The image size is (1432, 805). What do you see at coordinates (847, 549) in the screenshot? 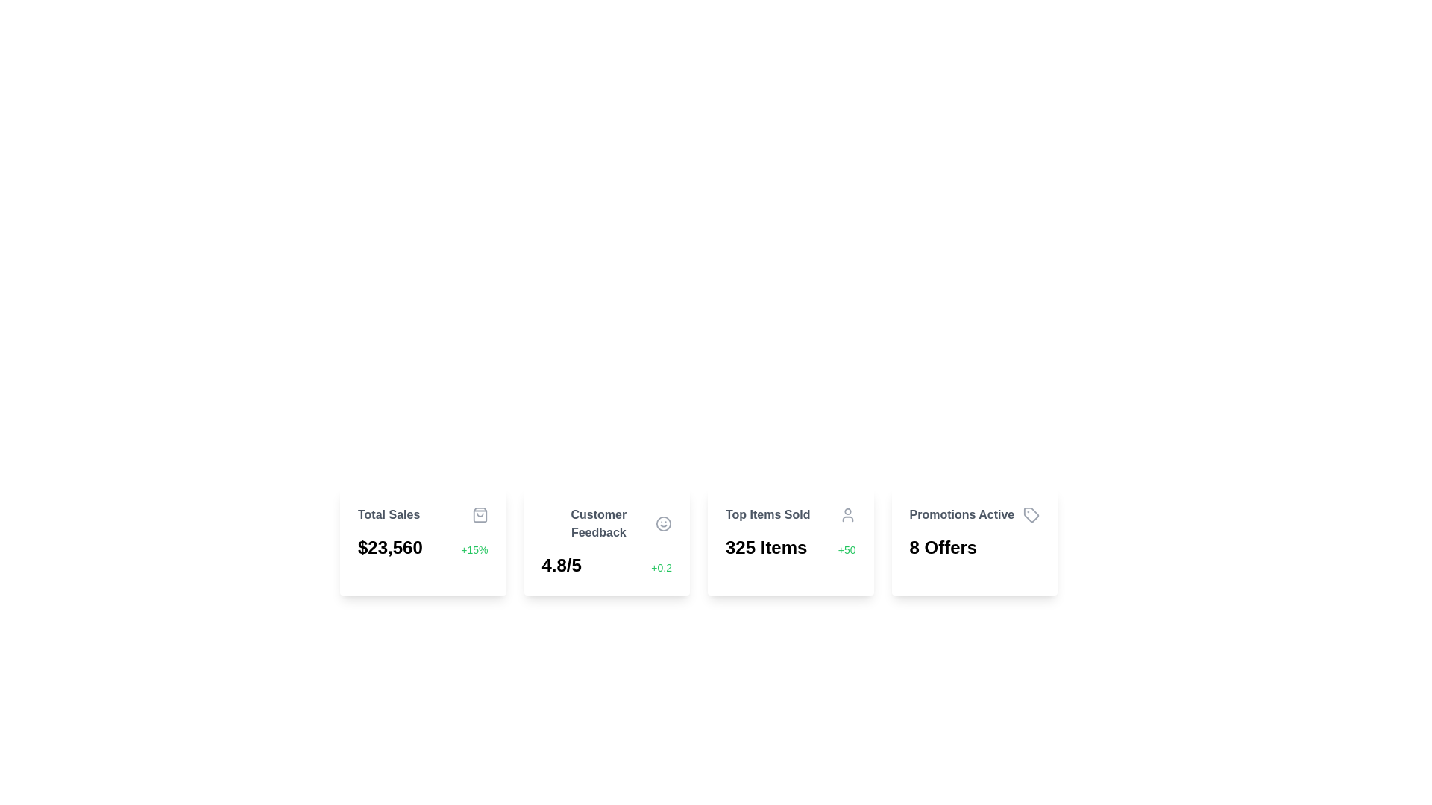
I see `the small green text label displaying '+50' located to the right of '325 Items' within the 'Top Items Sold' card component` at bounding box center [847, 549].